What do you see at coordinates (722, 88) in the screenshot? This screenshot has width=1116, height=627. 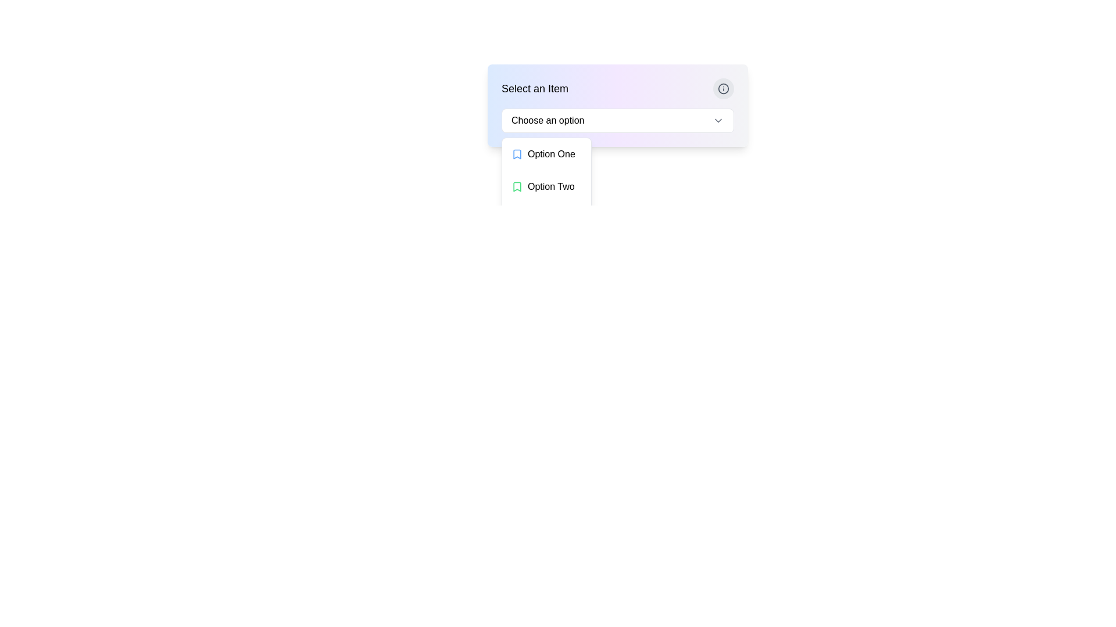 I see `the informational help icon located near the top-right corner of the interface, aligned horizontally with the dropdown labeled 'Select an Item'` at bounding box center [722, 88].